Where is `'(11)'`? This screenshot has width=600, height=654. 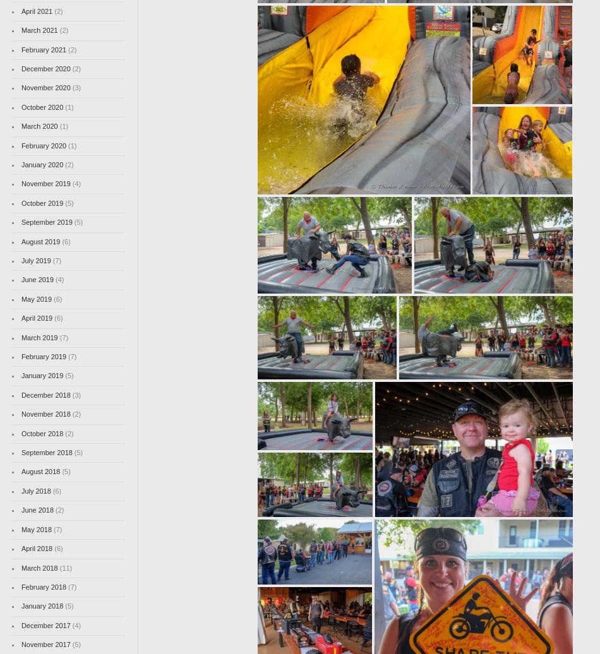
'(11)' is located at coordinates (64, 568).